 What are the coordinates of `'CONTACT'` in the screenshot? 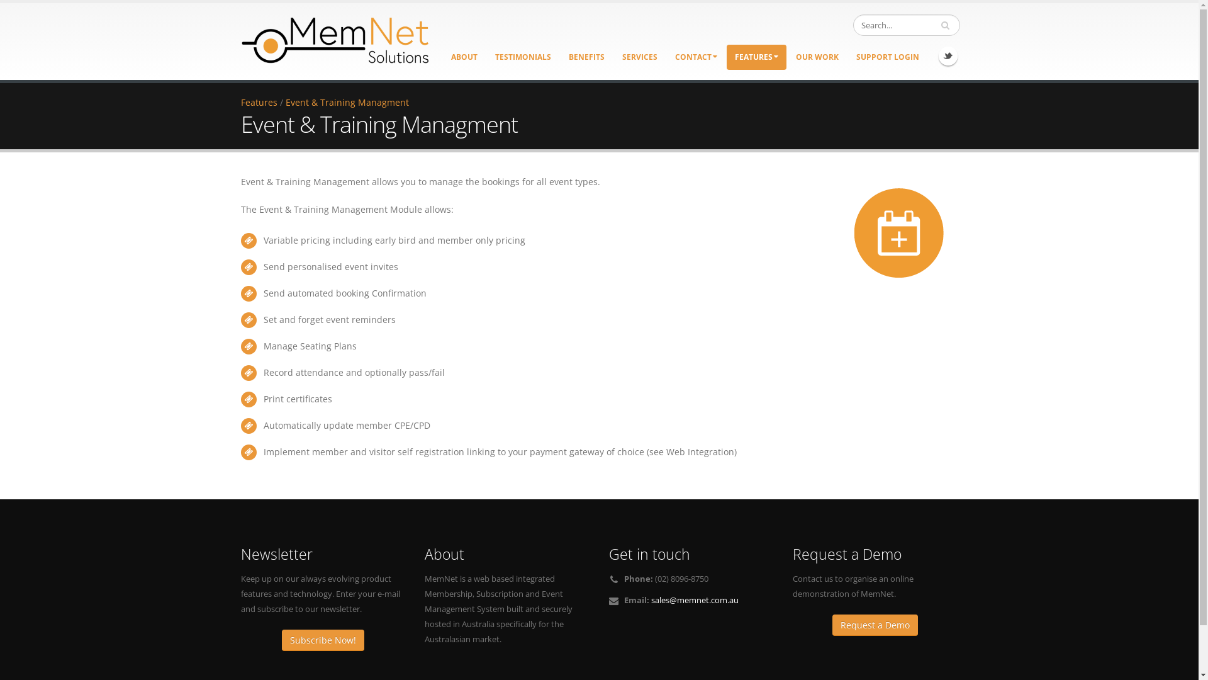 It's located at (695, 57).